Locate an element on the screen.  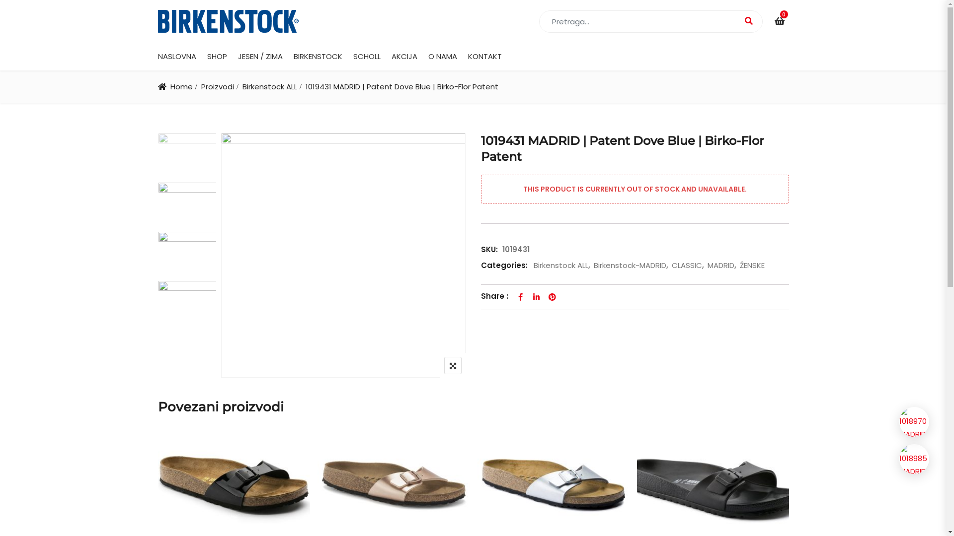
'JESEN / ZIMA' is located at coordinates (237, 57).